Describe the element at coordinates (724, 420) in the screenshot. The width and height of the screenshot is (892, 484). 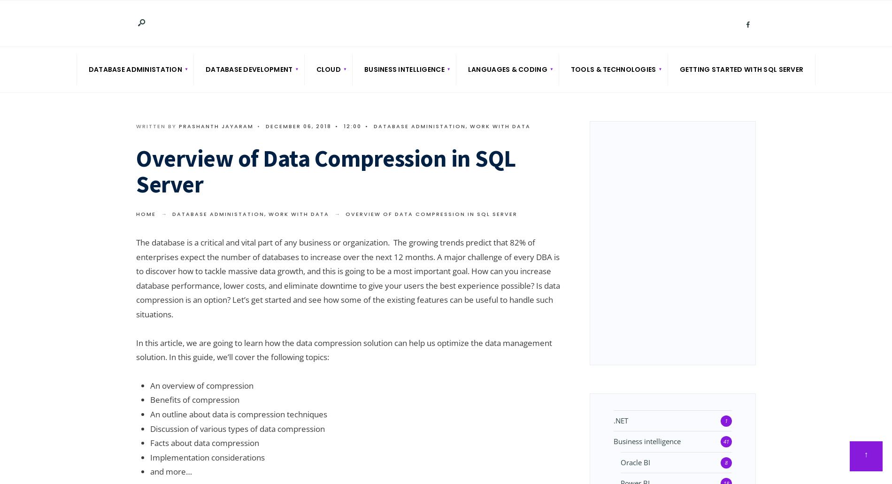
I see `'1'` at that location.